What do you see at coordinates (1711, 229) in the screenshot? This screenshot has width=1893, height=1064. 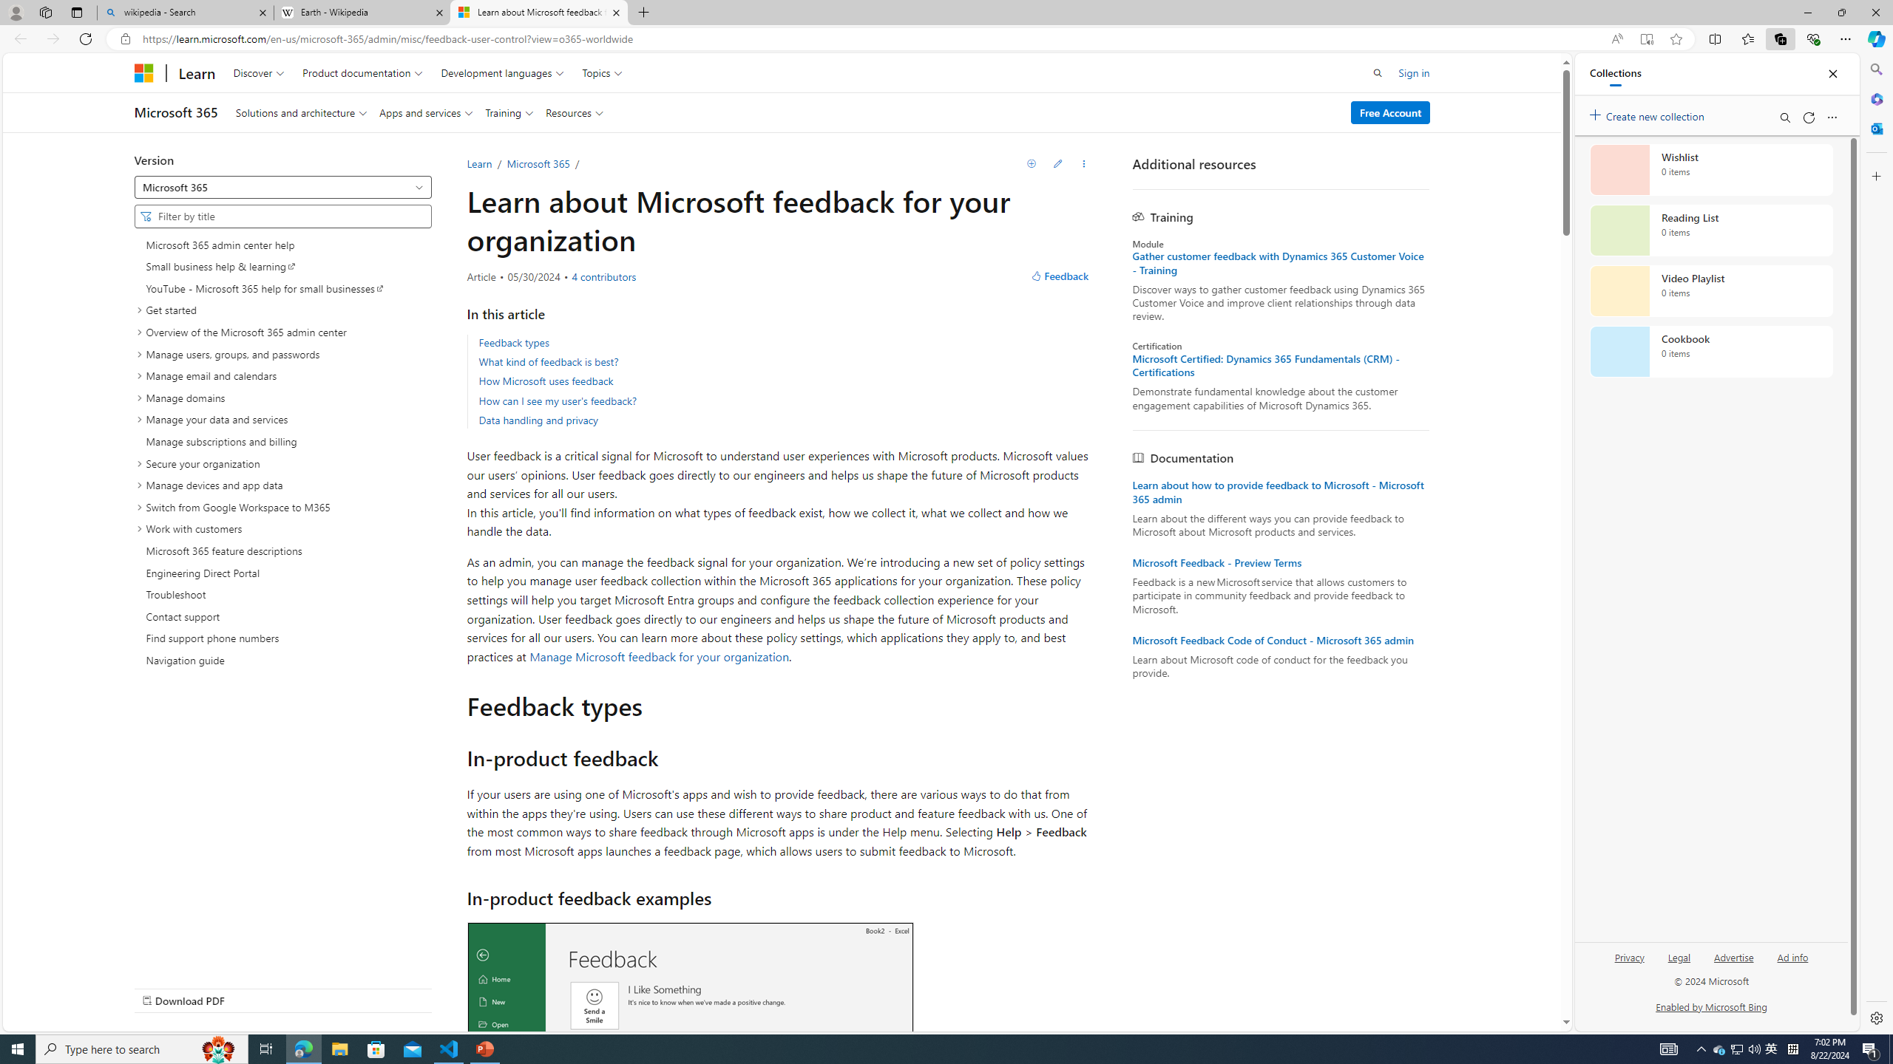 I see `'Reading List collection, 0 items'` at bounding box center [1711, 229].